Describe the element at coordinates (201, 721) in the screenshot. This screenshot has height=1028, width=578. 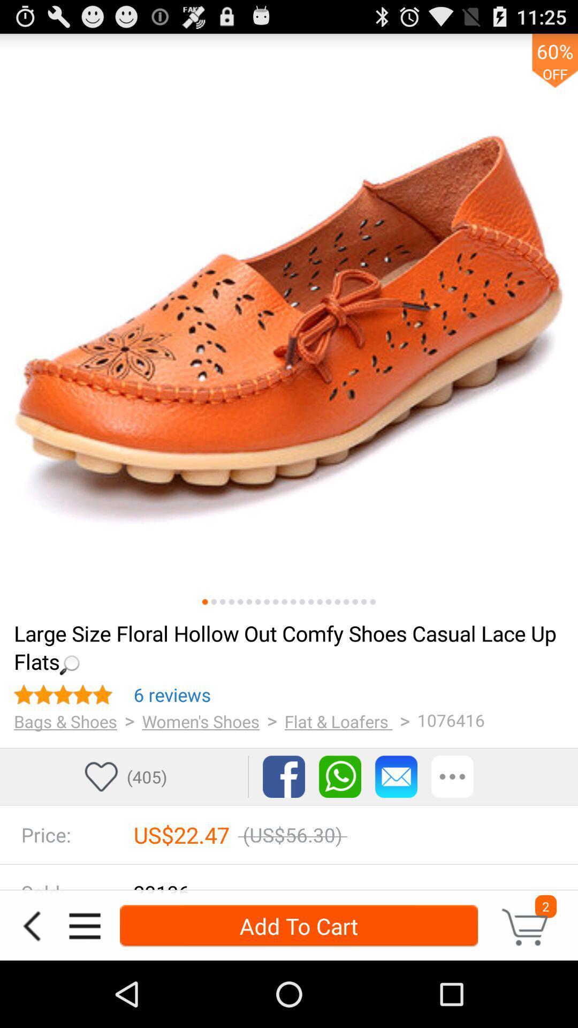
I see `the app next to > item` at that location.